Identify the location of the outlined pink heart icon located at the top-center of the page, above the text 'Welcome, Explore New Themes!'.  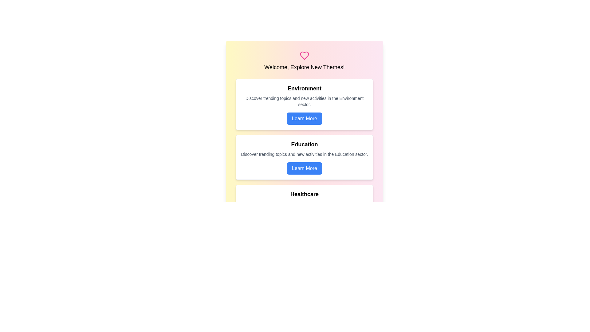
(304, 56).